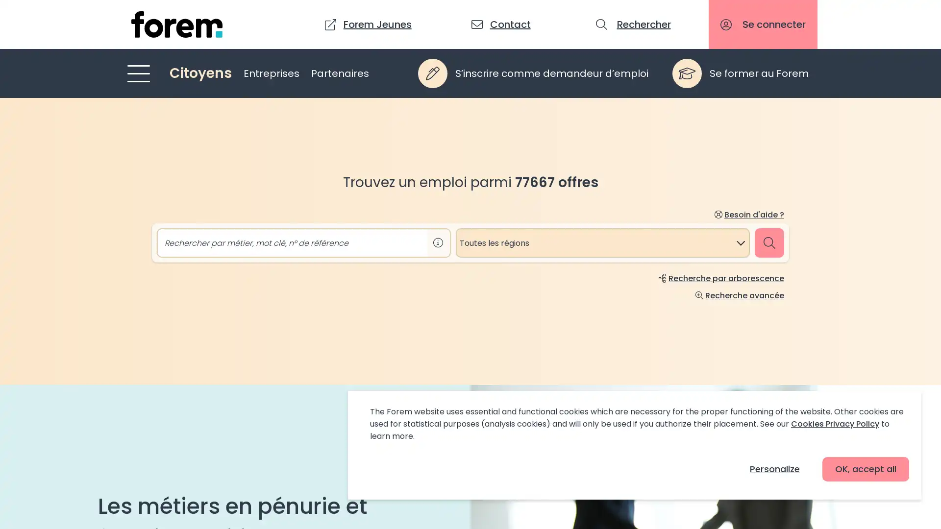  I want to click on Personalize, so click(774, 468).